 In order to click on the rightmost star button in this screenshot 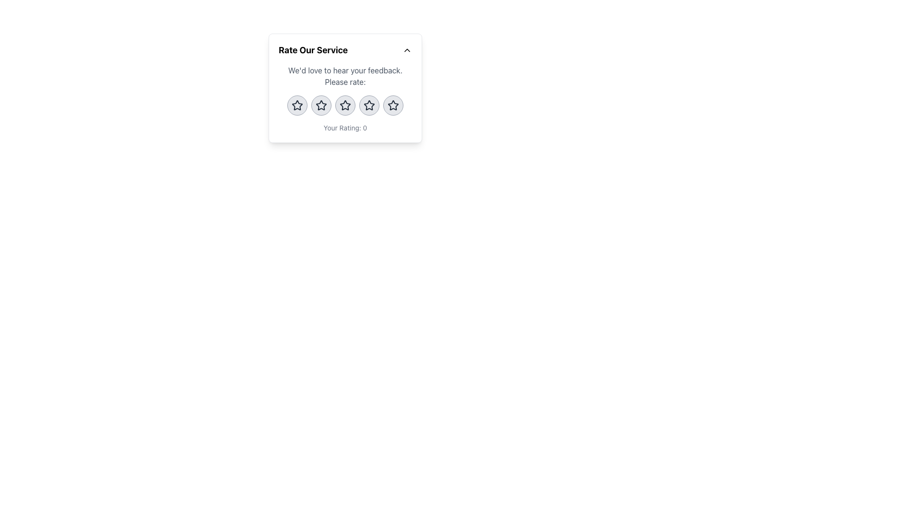, I will do `click(393, 105)`.